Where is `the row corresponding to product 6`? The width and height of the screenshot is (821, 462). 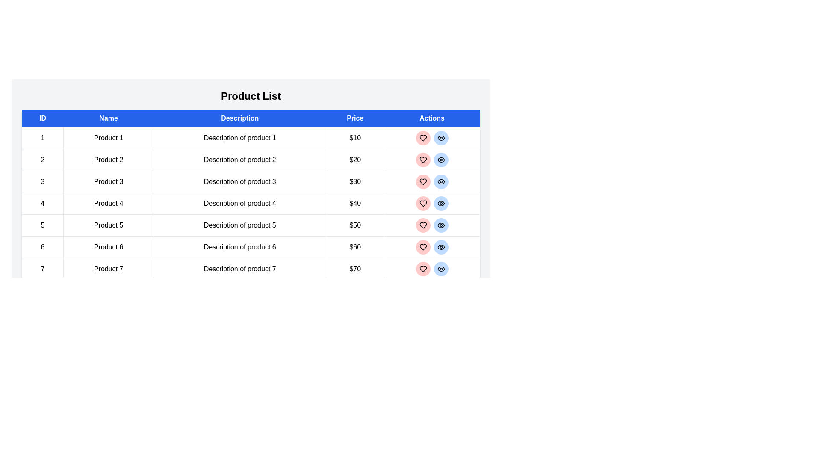
the row corresponding to product 6 is located at coordinates (250, 247).